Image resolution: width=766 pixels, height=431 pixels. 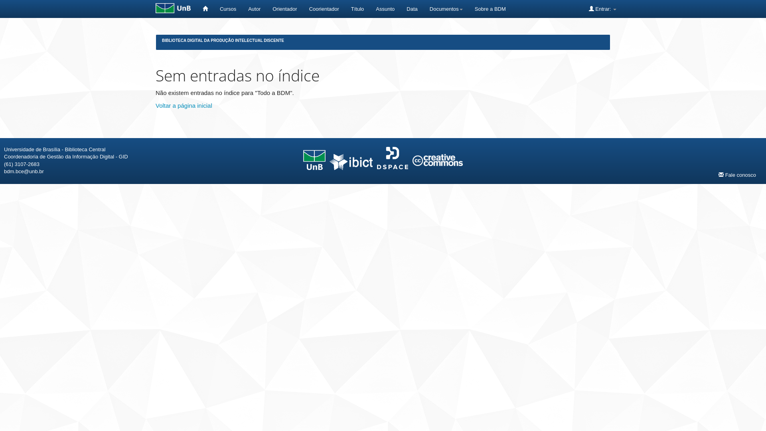 What do you see at coordinates (302, 9) in the screenshot?
I see `'Coorientador'` at bounding box center [302, 9].